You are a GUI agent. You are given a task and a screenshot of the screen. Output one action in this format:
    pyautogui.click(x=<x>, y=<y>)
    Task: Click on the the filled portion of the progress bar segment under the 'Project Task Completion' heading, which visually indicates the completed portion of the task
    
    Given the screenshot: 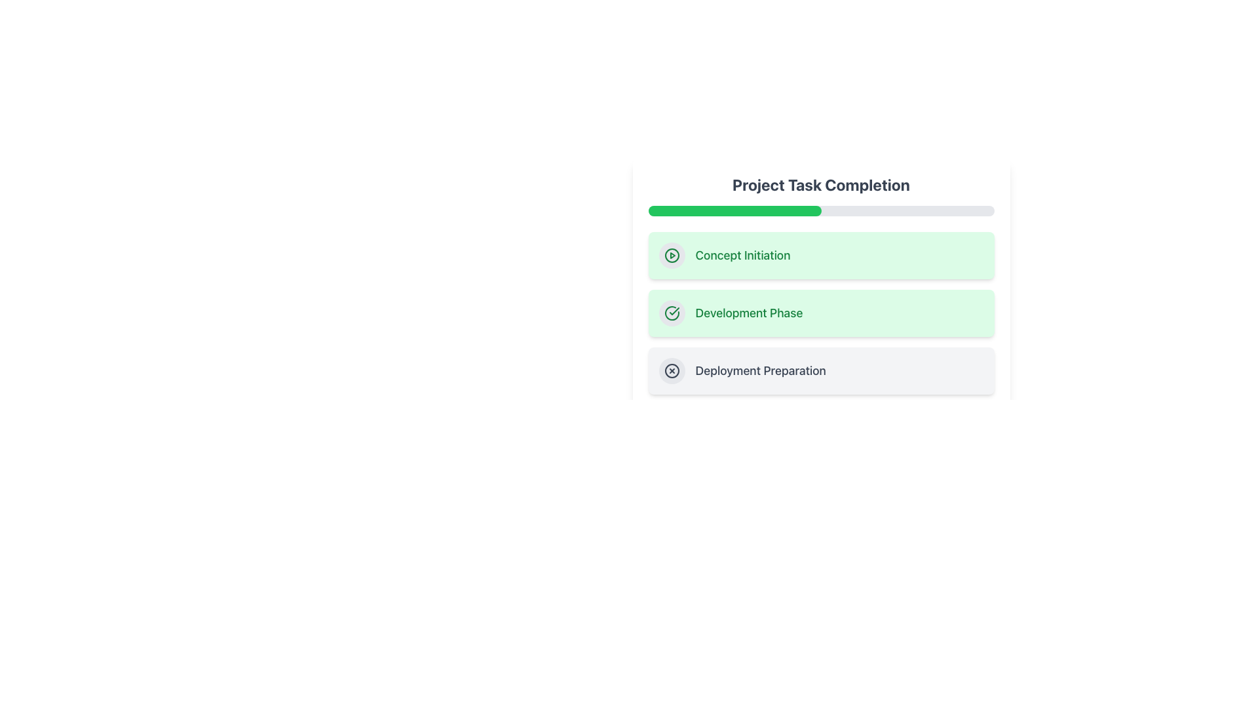 What is the action you would take?
    pyautogui.click(x=734, y=210)
    